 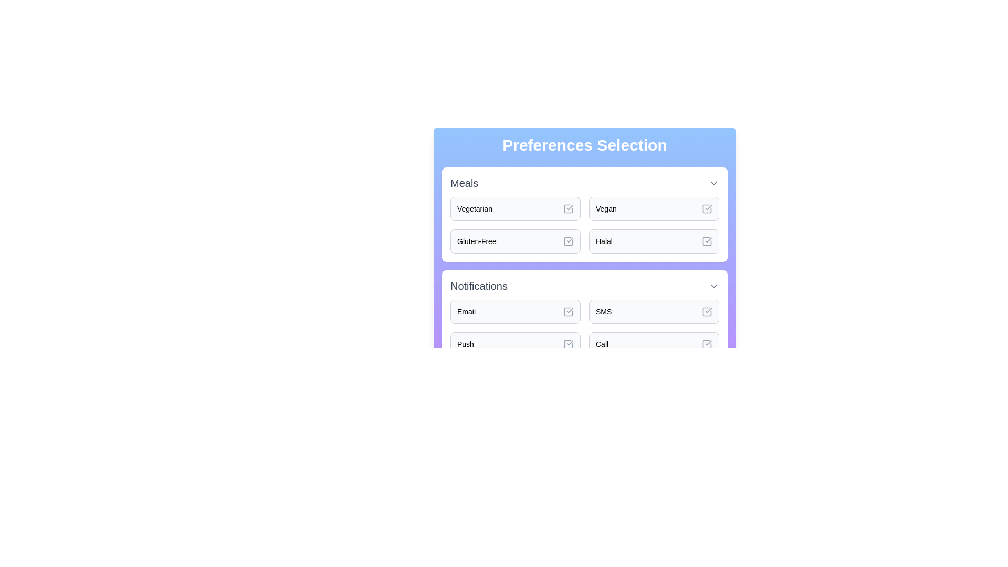 What do you see at coordinates (516, 241) in the screenshot?
I see `the 'Gluten-Free' checkbox option located in the 'Meals' section of the 'Preferences Selection' interface` at bounding box center [516, 241].